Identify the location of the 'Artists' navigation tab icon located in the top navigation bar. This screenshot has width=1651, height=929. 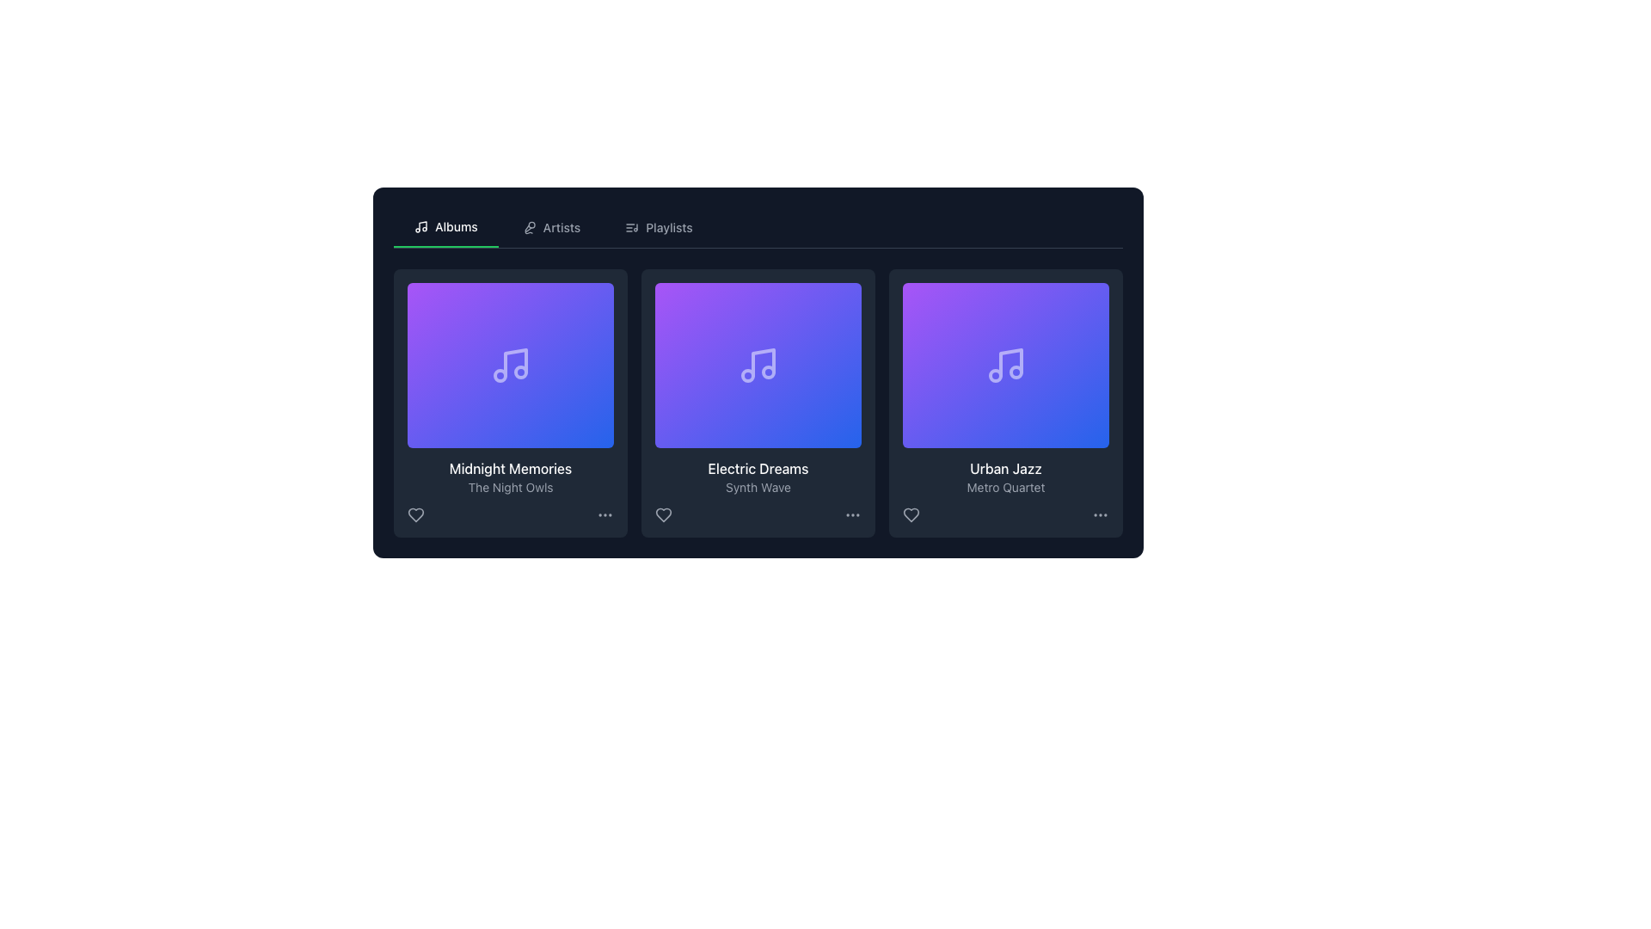
(528, 227).